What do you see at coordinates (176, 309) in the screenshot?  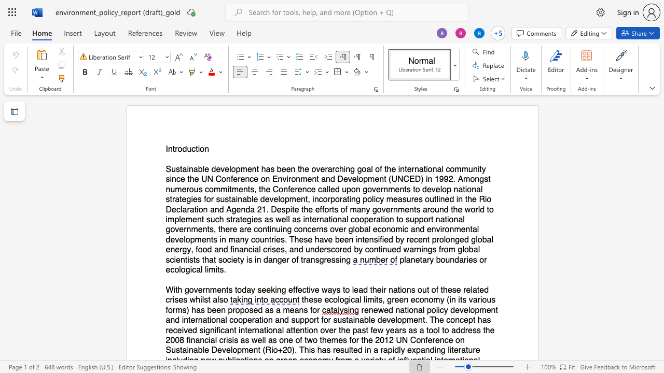 I see `the space between the continuous character "r" and "m" in the text` at bounding box center [176, 309].